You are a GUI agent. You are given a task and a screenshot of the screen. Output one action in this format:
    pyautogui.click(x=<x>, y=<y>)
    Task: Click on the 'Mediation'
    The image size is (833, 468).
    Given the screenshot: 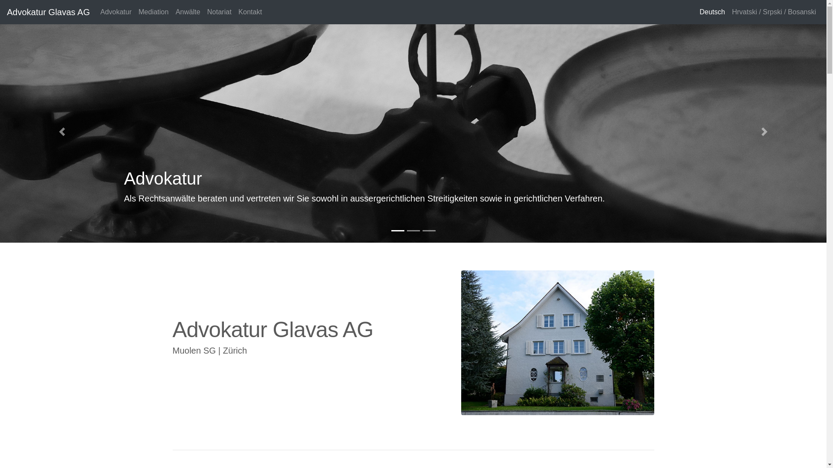 What is the action you would take?
    pyautogui.click(x=153, y=12)
    